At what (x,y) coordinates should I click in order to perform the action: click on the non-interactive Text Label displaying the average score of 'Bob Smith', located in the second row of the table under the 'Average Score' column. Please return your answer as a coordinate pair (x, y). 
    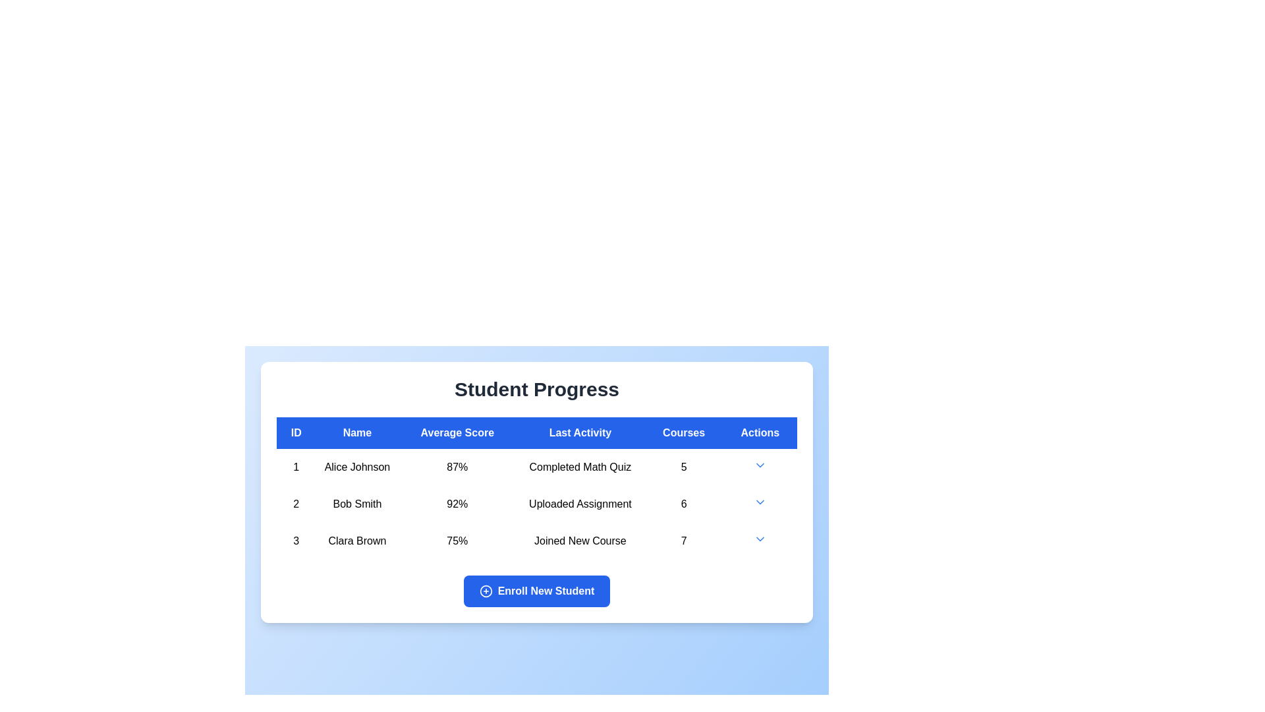
    Looking at the image, I should click on (457, 504).